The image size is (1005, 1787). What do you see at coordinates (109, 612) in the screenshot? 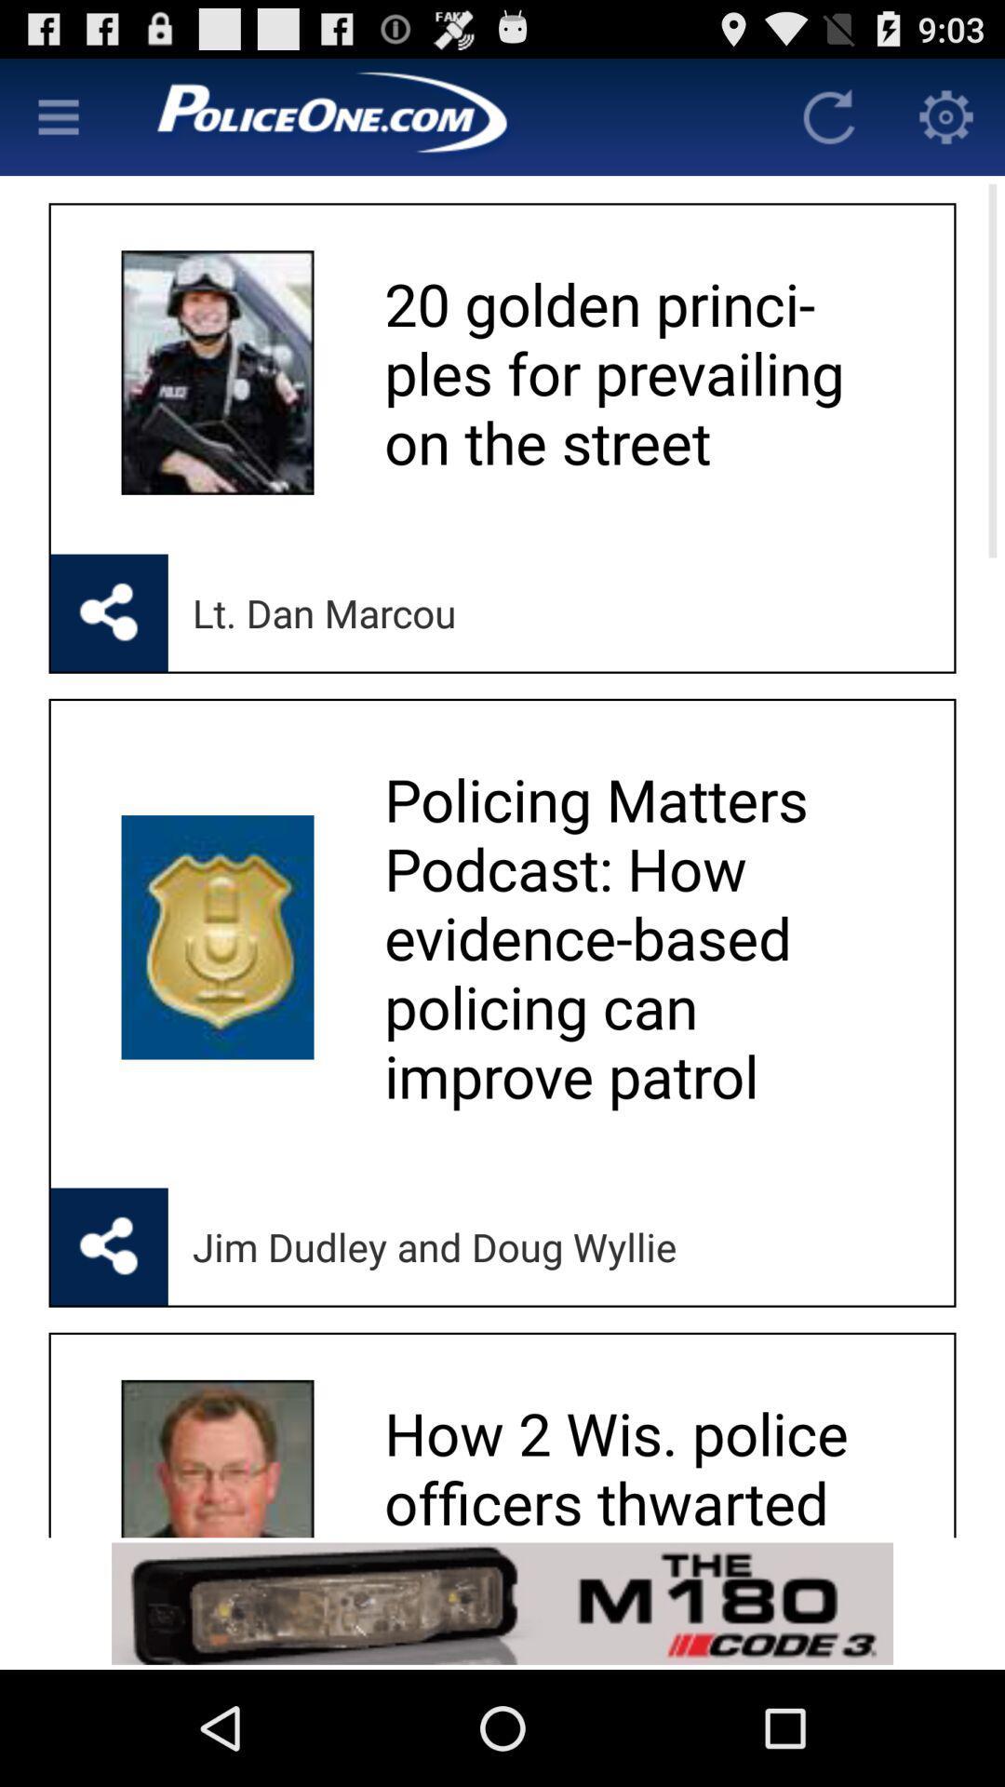
I see `share the article` at bounding box center [109, 612].